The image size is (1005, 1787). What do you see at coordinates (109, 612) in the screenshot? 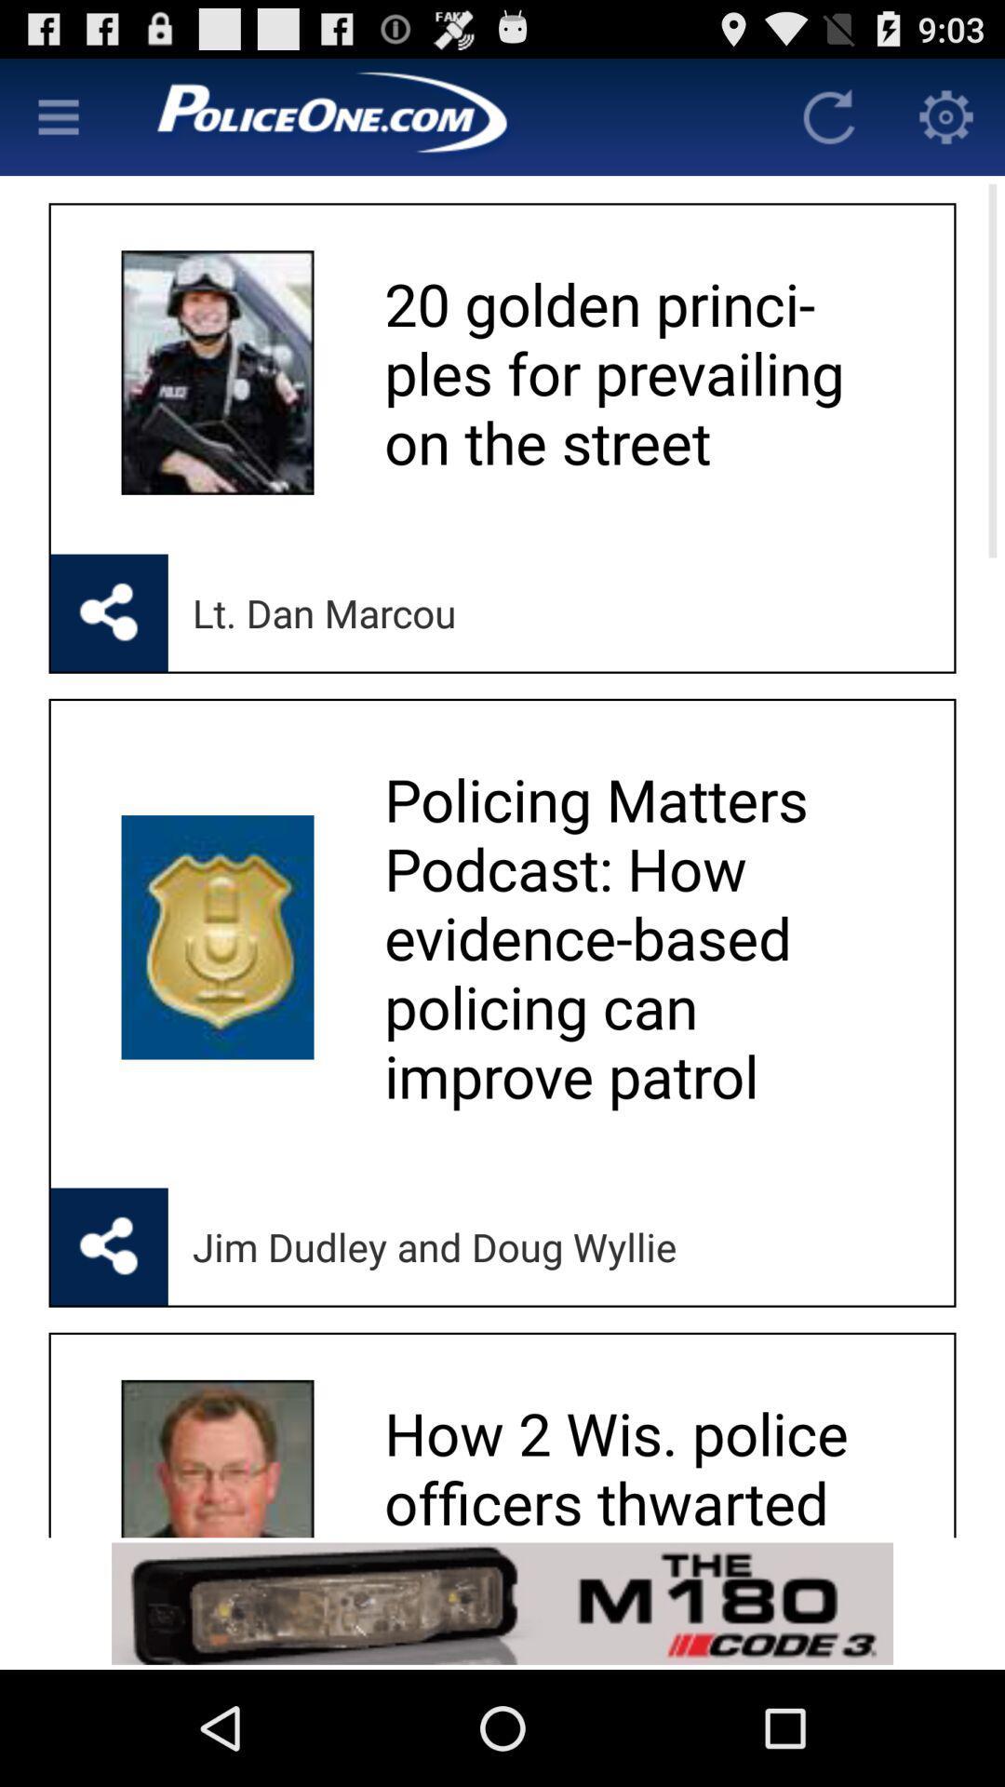
I see `share the article` at bounding box center [109, 612].